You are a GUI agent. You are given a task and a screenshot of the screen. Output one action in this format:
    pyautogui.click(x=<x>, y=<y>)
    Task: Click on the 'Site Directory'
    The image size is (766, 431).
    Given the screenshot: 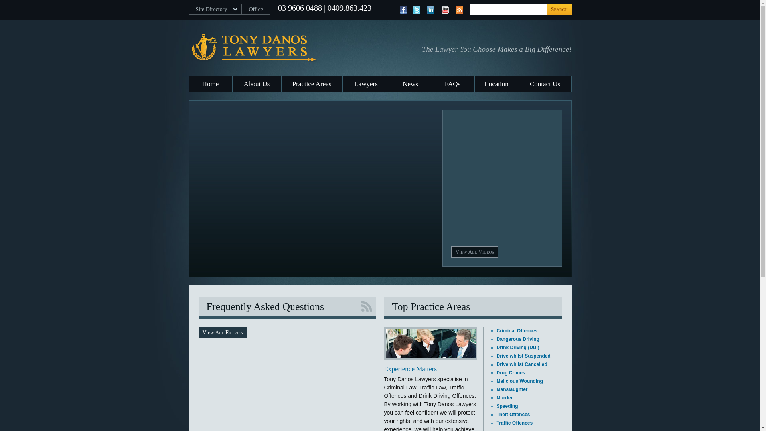 What is the action you would take?
    pyautogui.click(x=215, y=9)
    